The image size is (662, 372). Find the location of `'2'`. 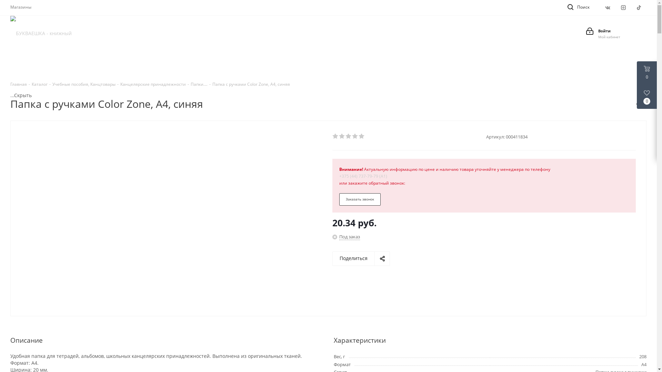

'2' is located at coordinates (342, 136).